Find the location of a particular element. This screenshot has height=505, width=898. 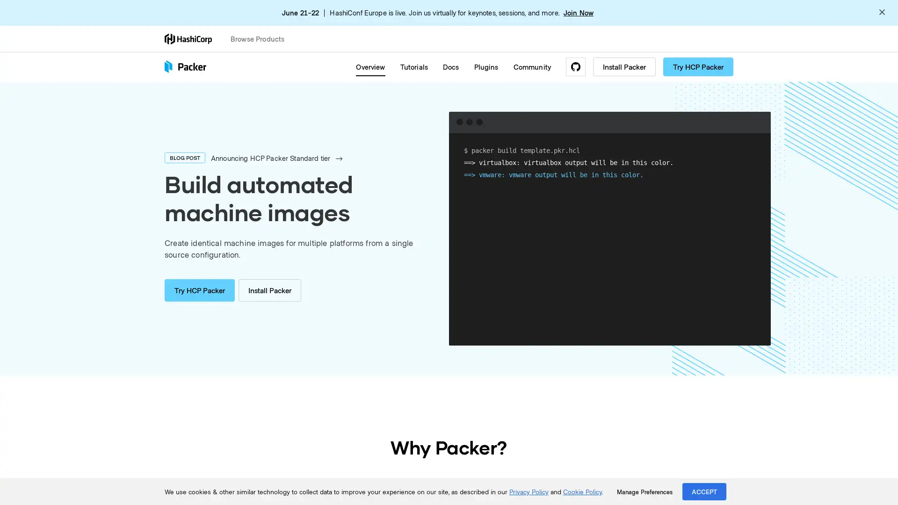

Manage Preferences is located at coordinates (644, 491).